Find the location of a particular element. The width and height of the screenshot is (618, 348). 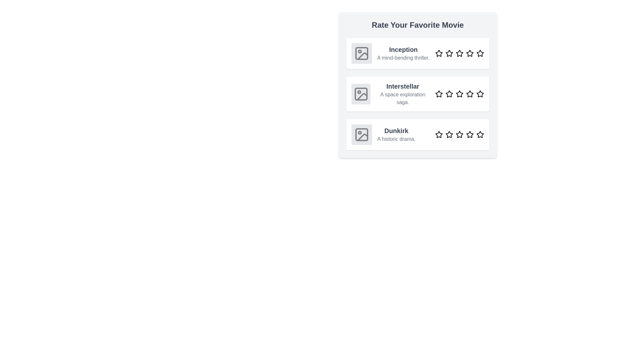

the movie thumbnail icon for 'Inception', which is located in the first row of a vertical list layout, to the left of the text 'Inception' and the subtext 'A mind-bending thriller' is located at coordinates (361, 53).